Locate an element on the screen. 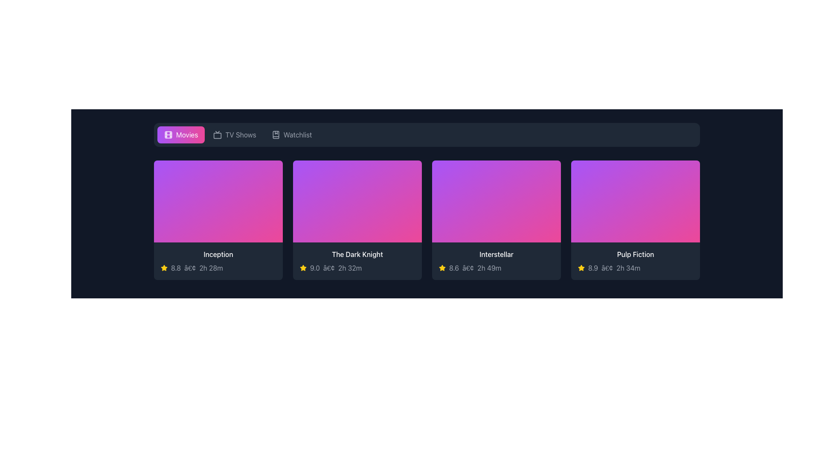 The height and width of the screenshot is (461, 819). the TV shows navigation button to change its color, which is the second button in the horizontal navigation row, located between the 'Movies' and 'Watchlist' buttons is located at coordinates (235, 134).